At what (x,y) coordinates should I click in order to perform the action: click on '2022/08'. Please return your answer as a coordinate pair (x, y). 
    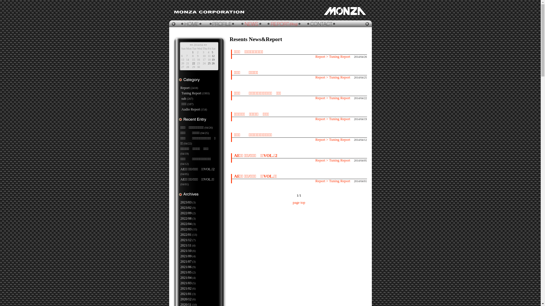
    Looking at the image, I should click on (180, 218).